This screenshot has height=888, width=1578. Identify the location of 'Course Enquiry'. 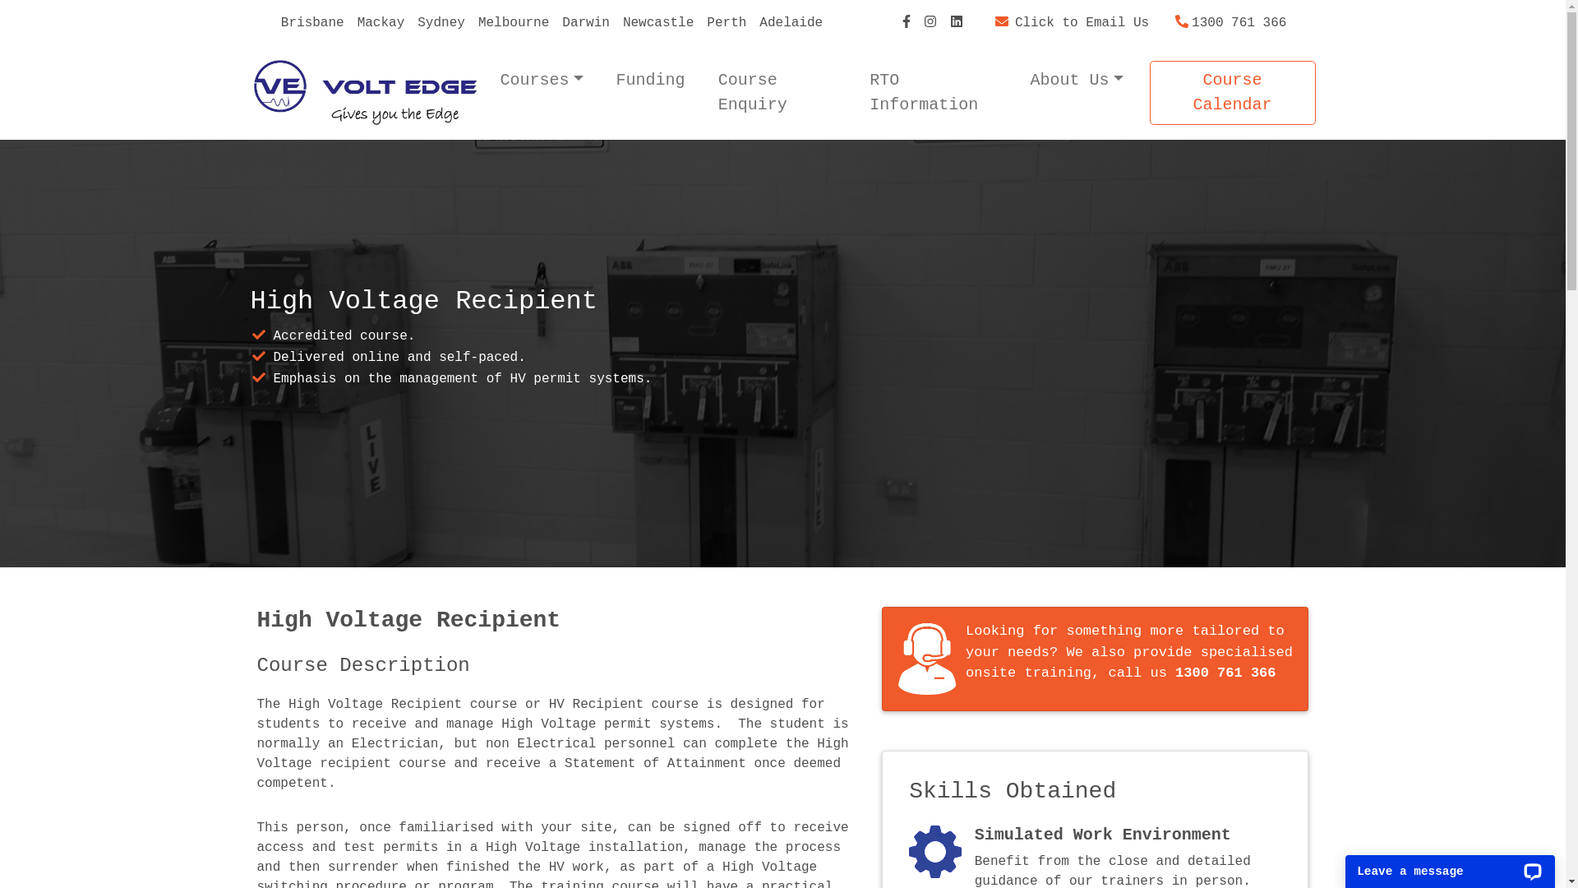
(711, 92).